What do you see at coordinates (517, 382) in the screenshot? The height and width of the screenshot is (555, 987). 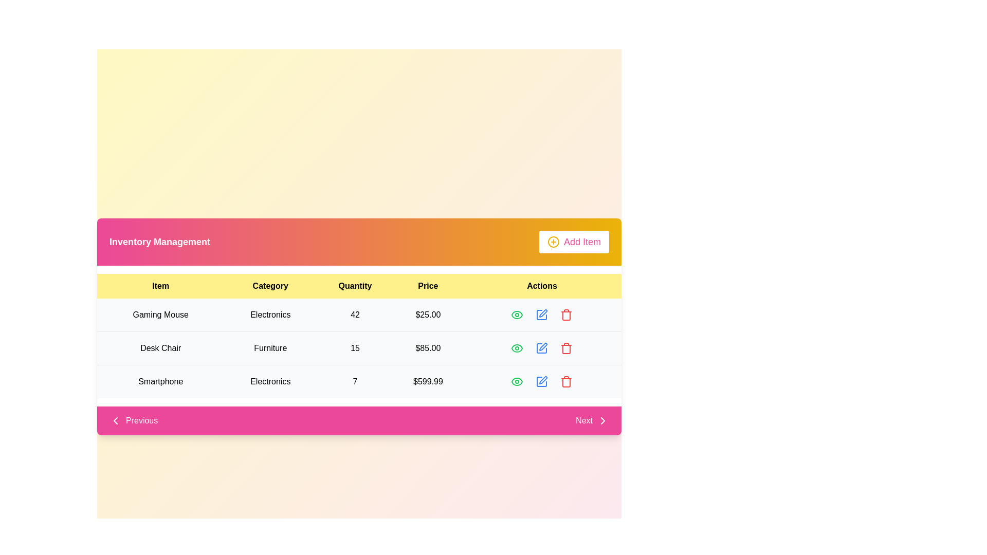 I see `the view icon button located in the 'Actions' column of the table for the 'Smartphone' item` at bounding box center [517, 382].